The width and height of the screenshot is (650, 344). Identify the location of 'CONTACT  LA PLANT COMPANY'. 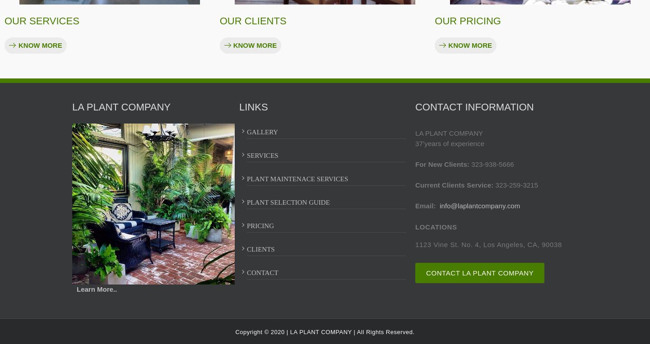
(426, 272).